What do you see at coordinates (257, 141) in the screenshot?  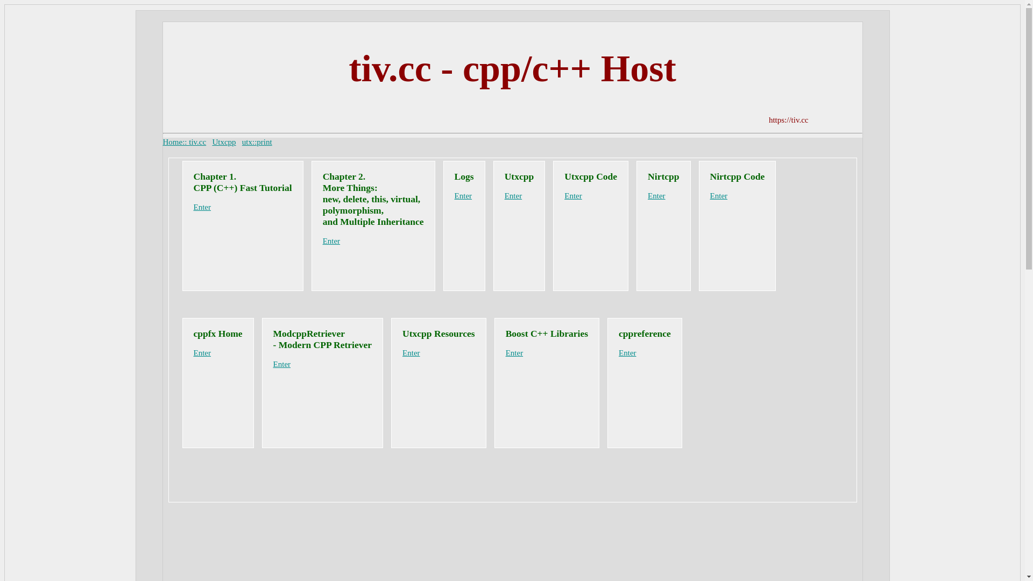 I see `'utx::print'` at bounding box center [257, 141].